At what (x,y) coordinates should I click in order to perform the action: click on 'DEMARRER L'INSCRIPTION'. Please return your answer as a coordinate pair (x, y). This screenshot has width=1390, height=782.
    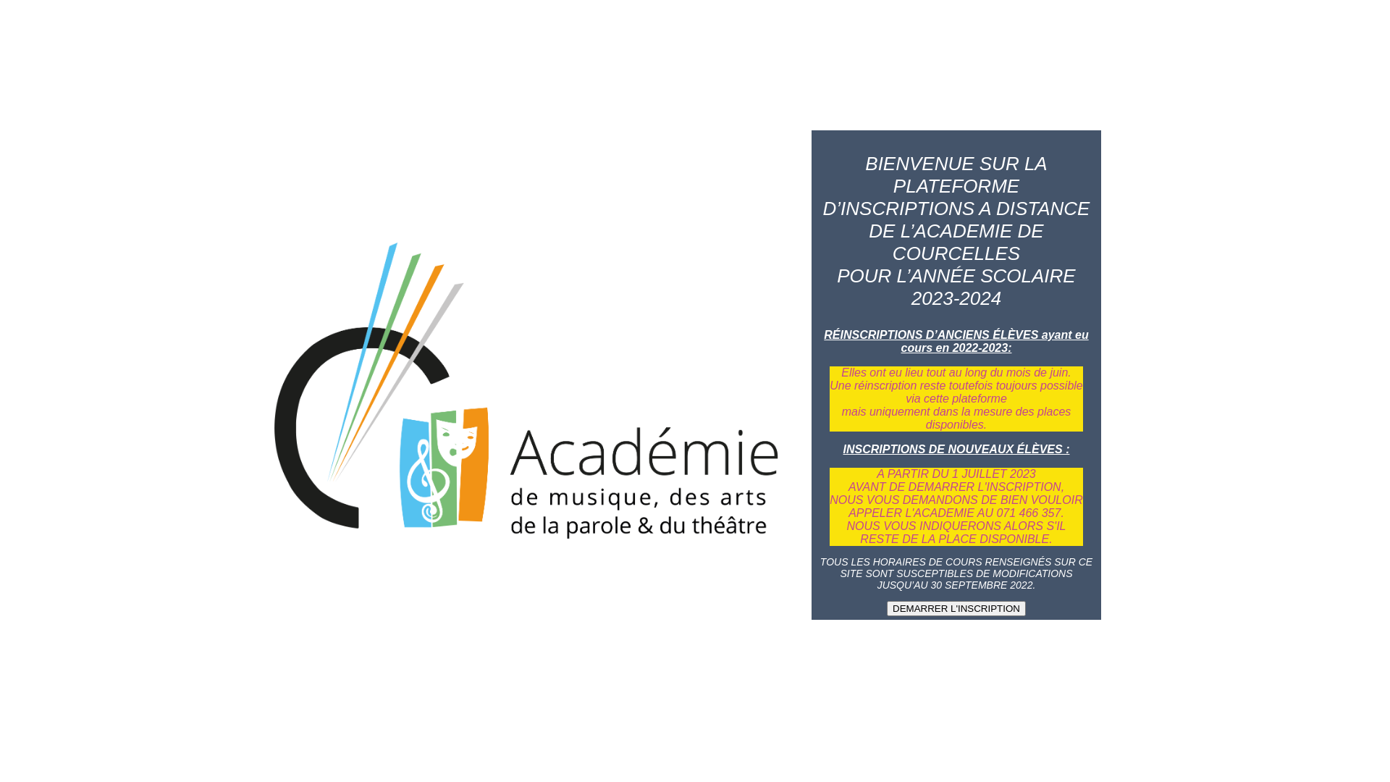
    Looking at the image, I should click on (956, 608).